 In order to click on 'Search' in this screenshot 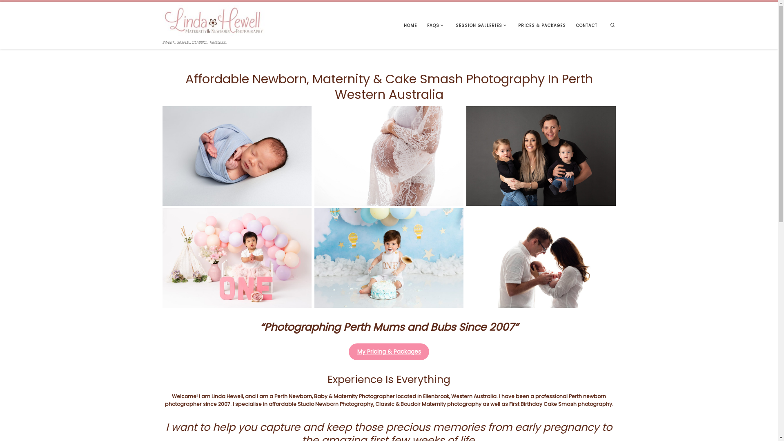, I will do `click(612, 25)`.